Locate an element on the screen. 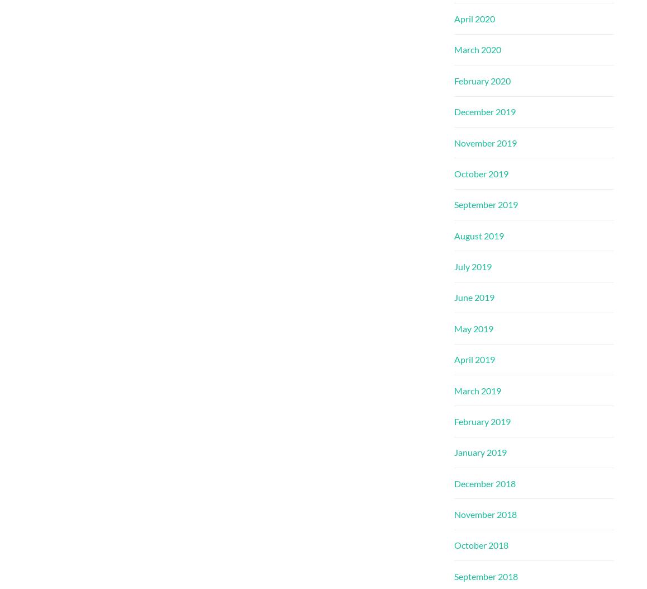 The image size is (647, 589). 'June 2019' is located at coordinates (474, 296).